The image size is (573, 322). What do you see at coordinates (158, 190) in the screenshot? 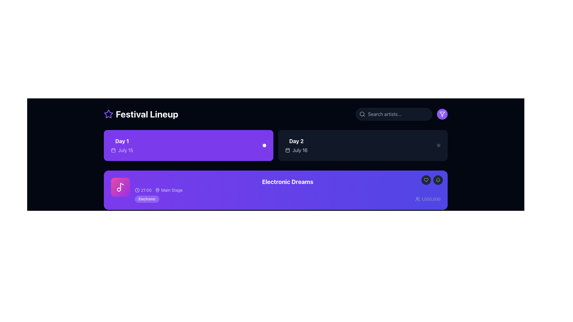
I see `the pin icon that indicates the location of the 'Main Stage', located in a purple card towards the center-left of the UI` at bounding box center [158, 190].